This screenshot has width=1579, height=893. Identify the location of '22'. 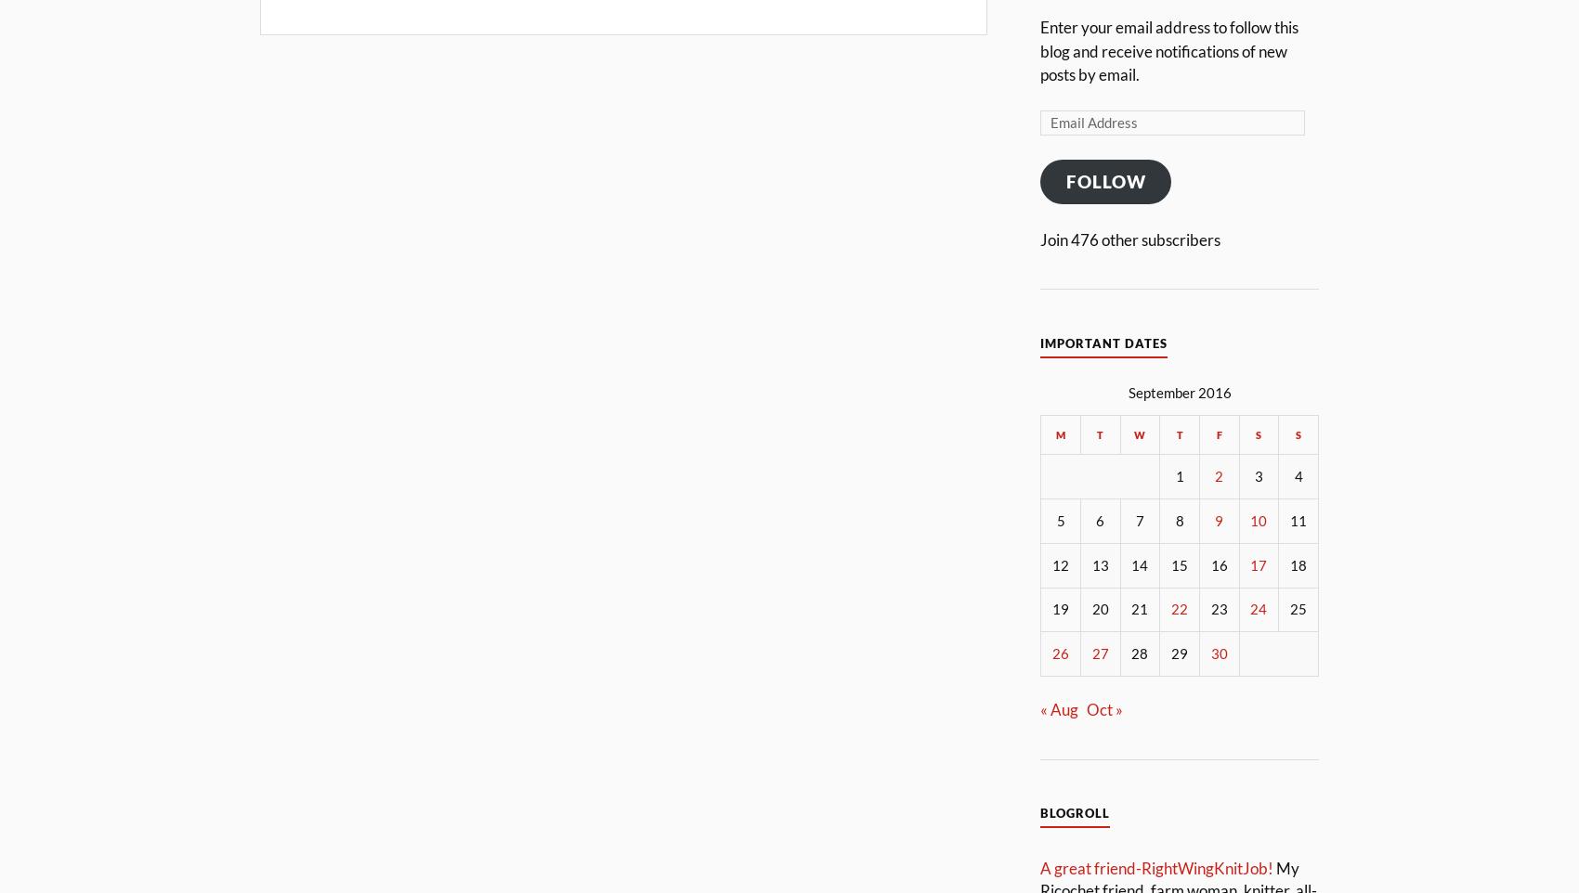
(1179, 608).